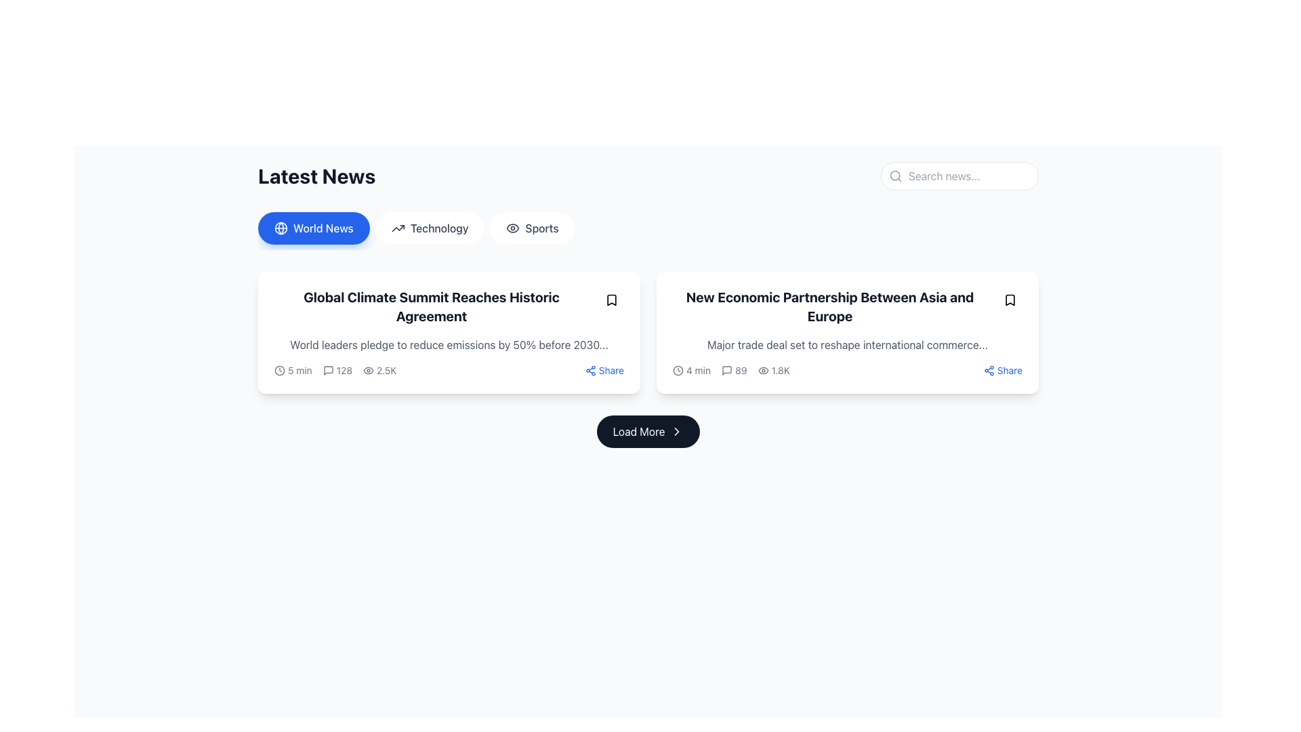  What do you see at coordinates (323, 227) in the screenshot?
I see `the 'World News' text label within the blue rounded button` at bounding box center [323, 227].